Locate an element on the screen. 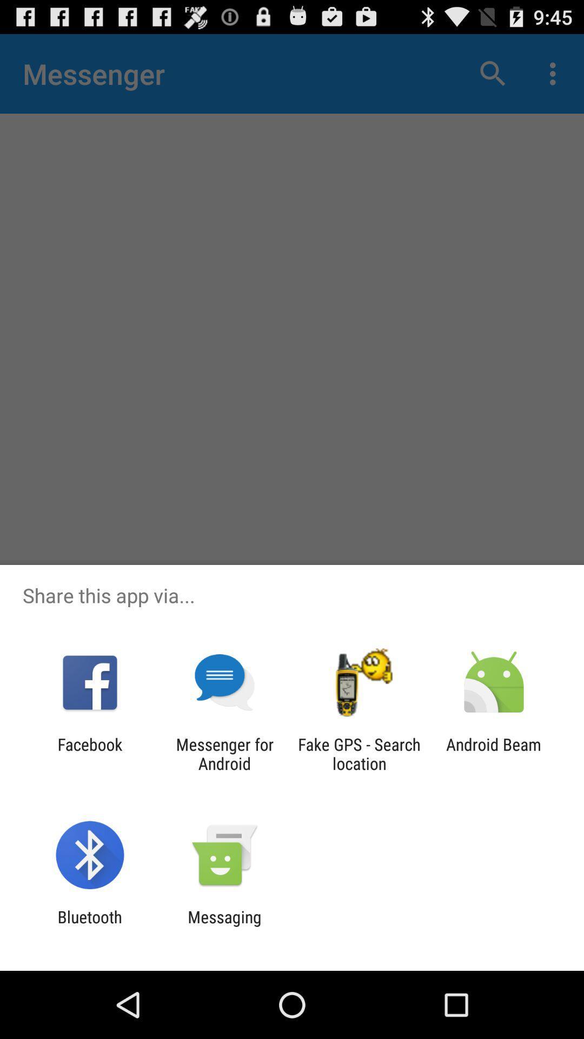  messaging item is located at coordinates (224, 926).